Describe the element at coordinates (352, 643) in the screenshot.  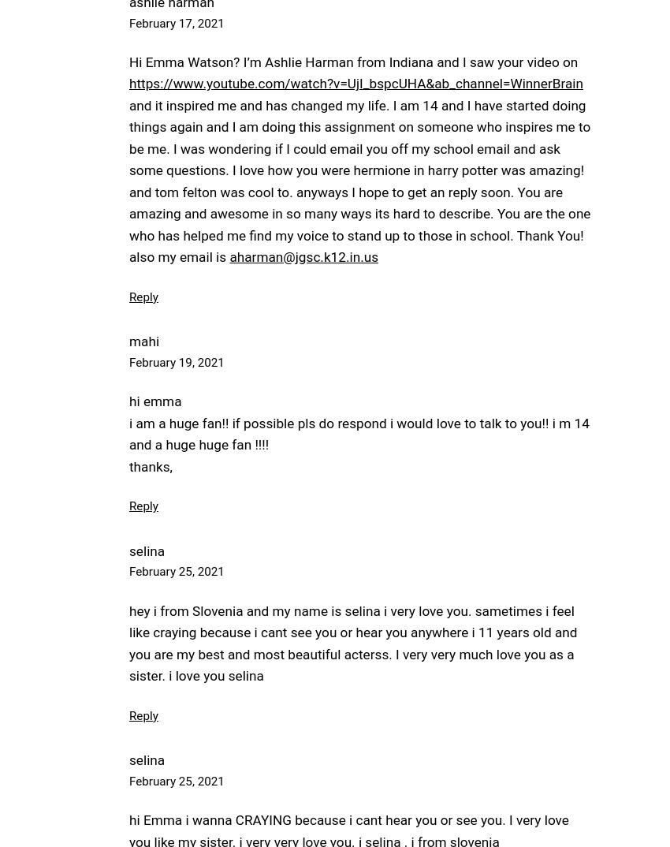
I see `'hey i from Slovenia and my name is selina i very love you. sametimes i feel like craying because i cant see you or hear you anywhere i 11 years old and you are my best and most beautiful acterss. I very  very much love you as a sister. i love you selina'` at that location.